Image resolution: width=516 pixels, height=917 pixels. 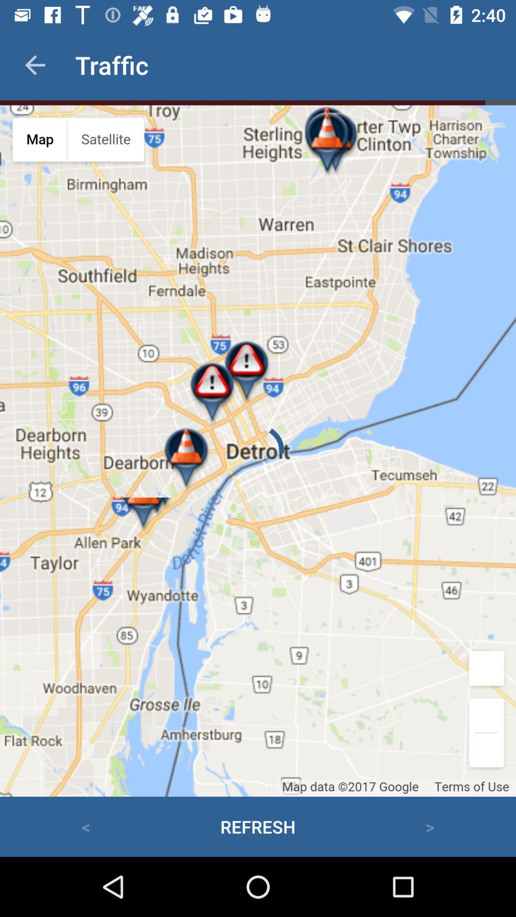 What do you see at coordinates (258, 450) in the screenshot?
I see `refresh map` at bounding box center [258, 450].